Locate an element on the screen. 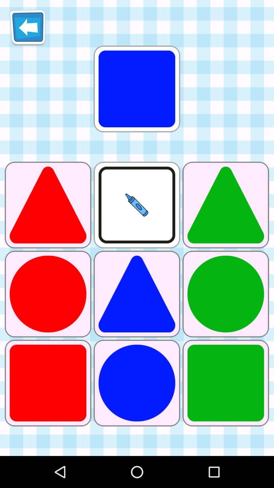  the red triangle is located at coordinates (48, 205).